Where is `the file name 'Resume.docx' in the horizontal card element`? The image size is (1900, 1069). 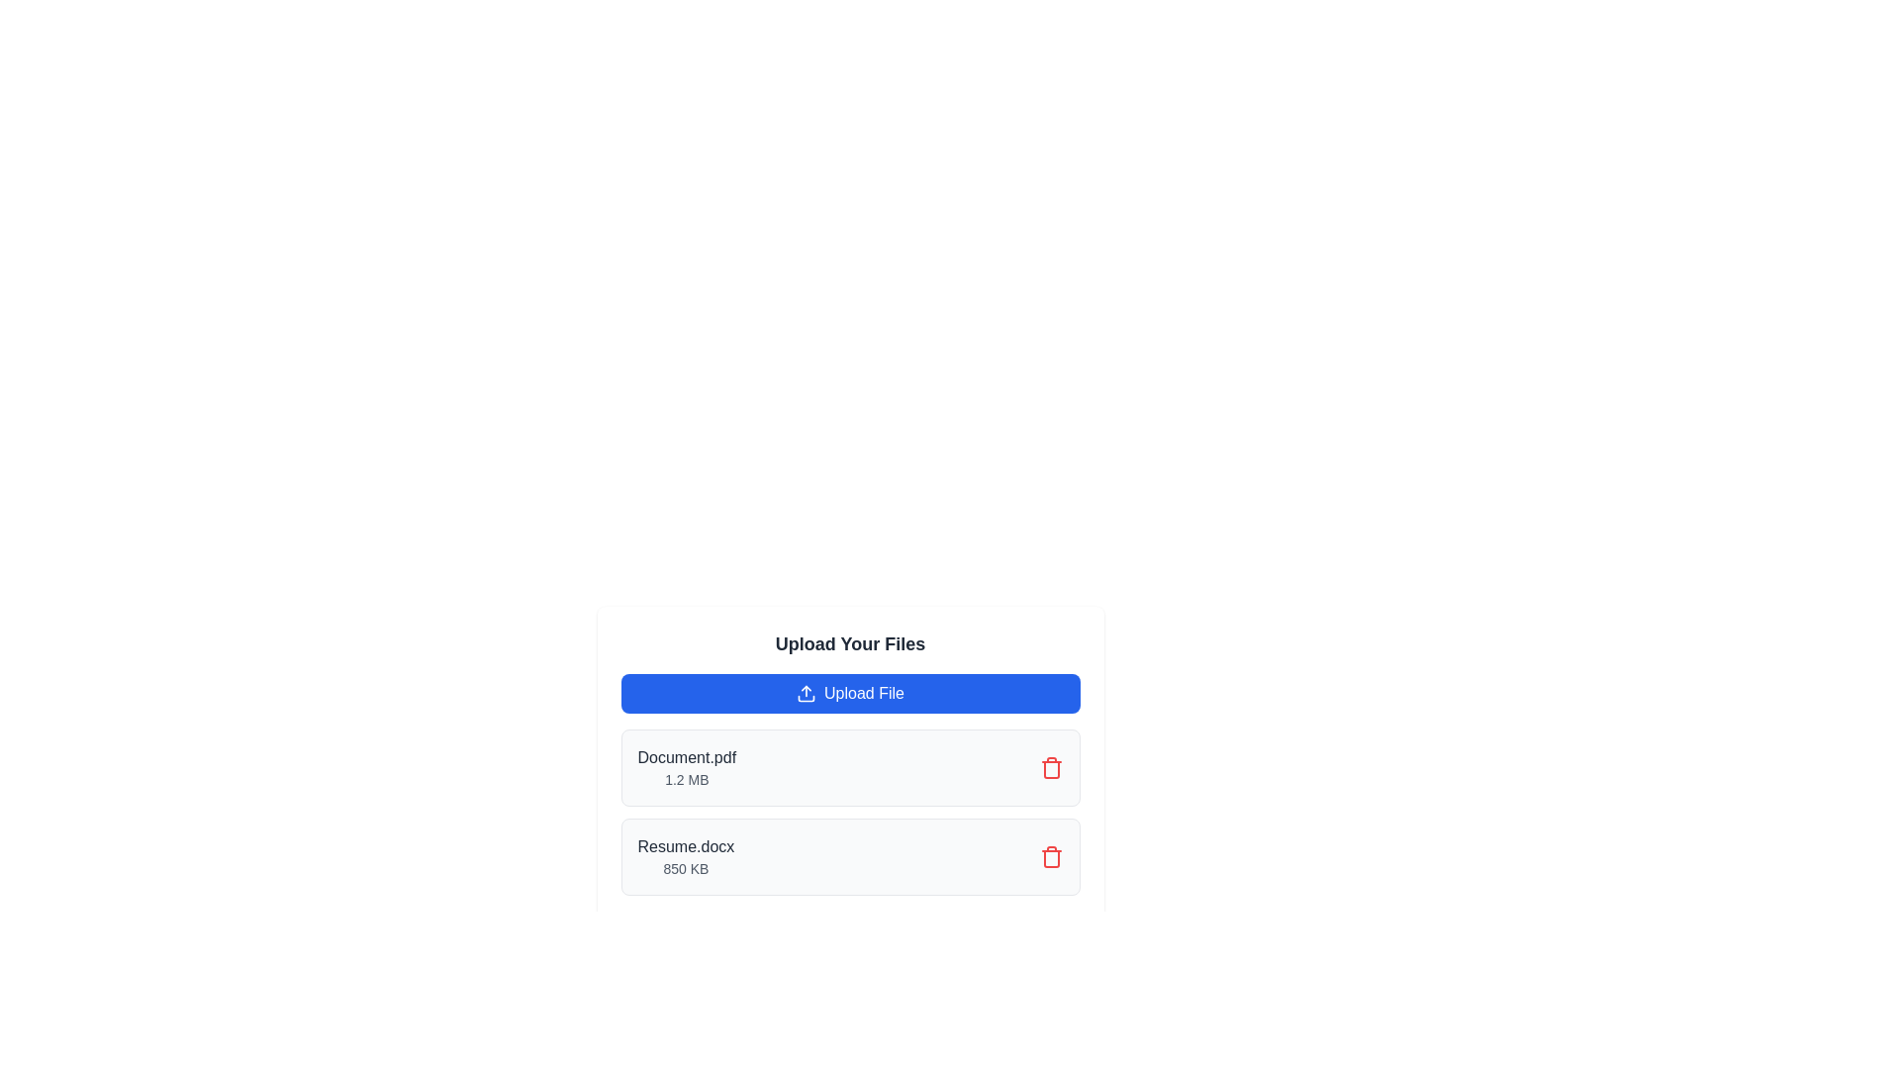
the file name 'Resume.docx' in the horizontal card element is located at coordinates (850, 856).